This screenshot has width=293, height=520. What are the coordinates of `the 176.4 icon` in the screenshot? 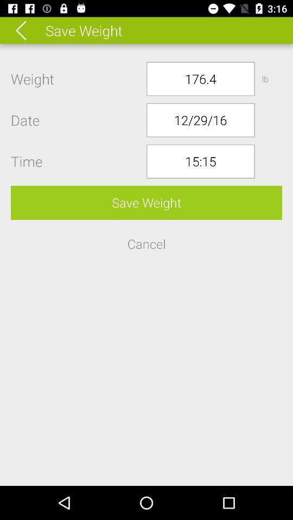 It's located at (200, 78).